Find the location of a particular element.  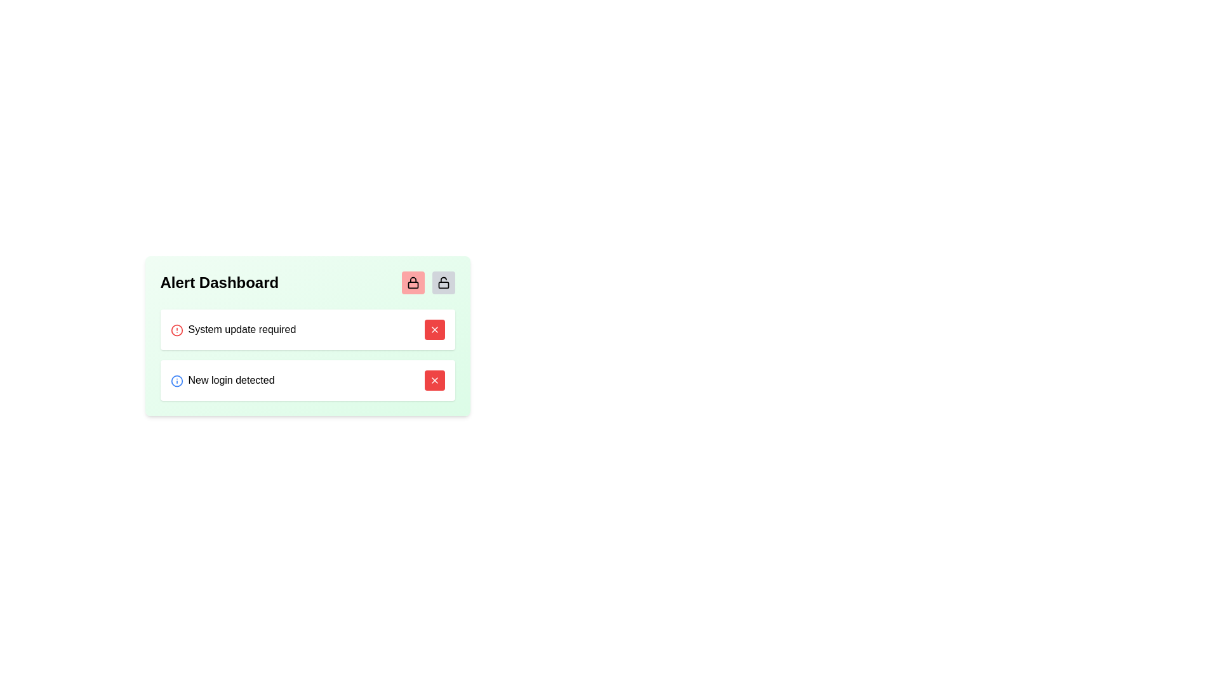

the body of the unlocked padlock icon located in the bottom section of the padlock icon on the green card layout next to the 'Alert Dashboard' title is located at coordinates (443, 284).